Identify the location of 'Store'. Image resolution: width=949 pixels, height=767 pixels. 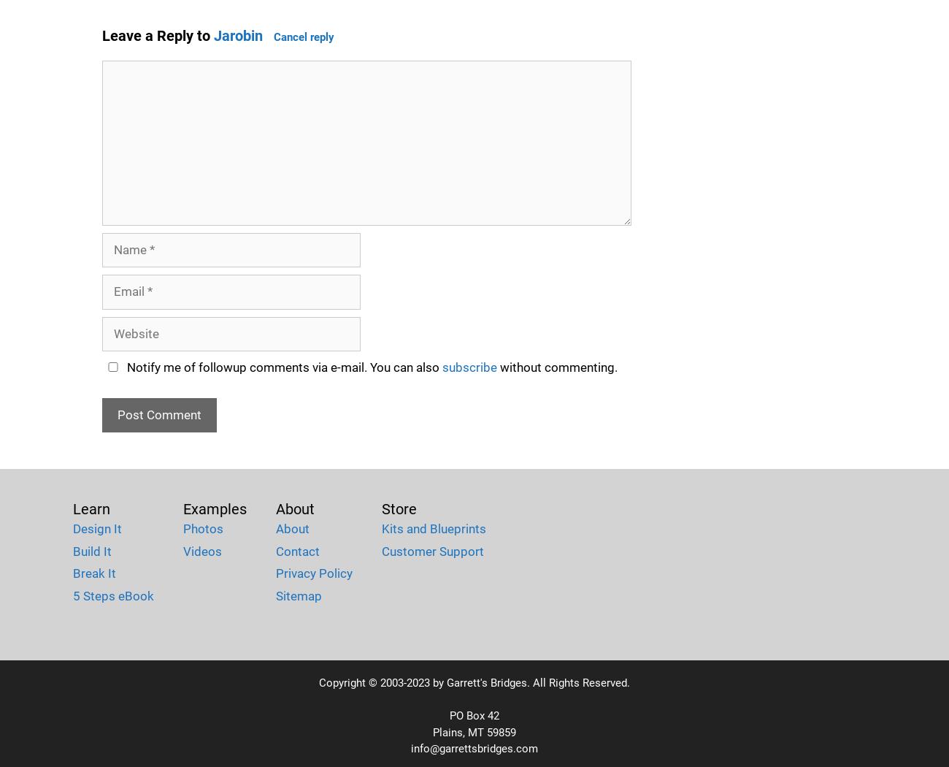
(399, 508).